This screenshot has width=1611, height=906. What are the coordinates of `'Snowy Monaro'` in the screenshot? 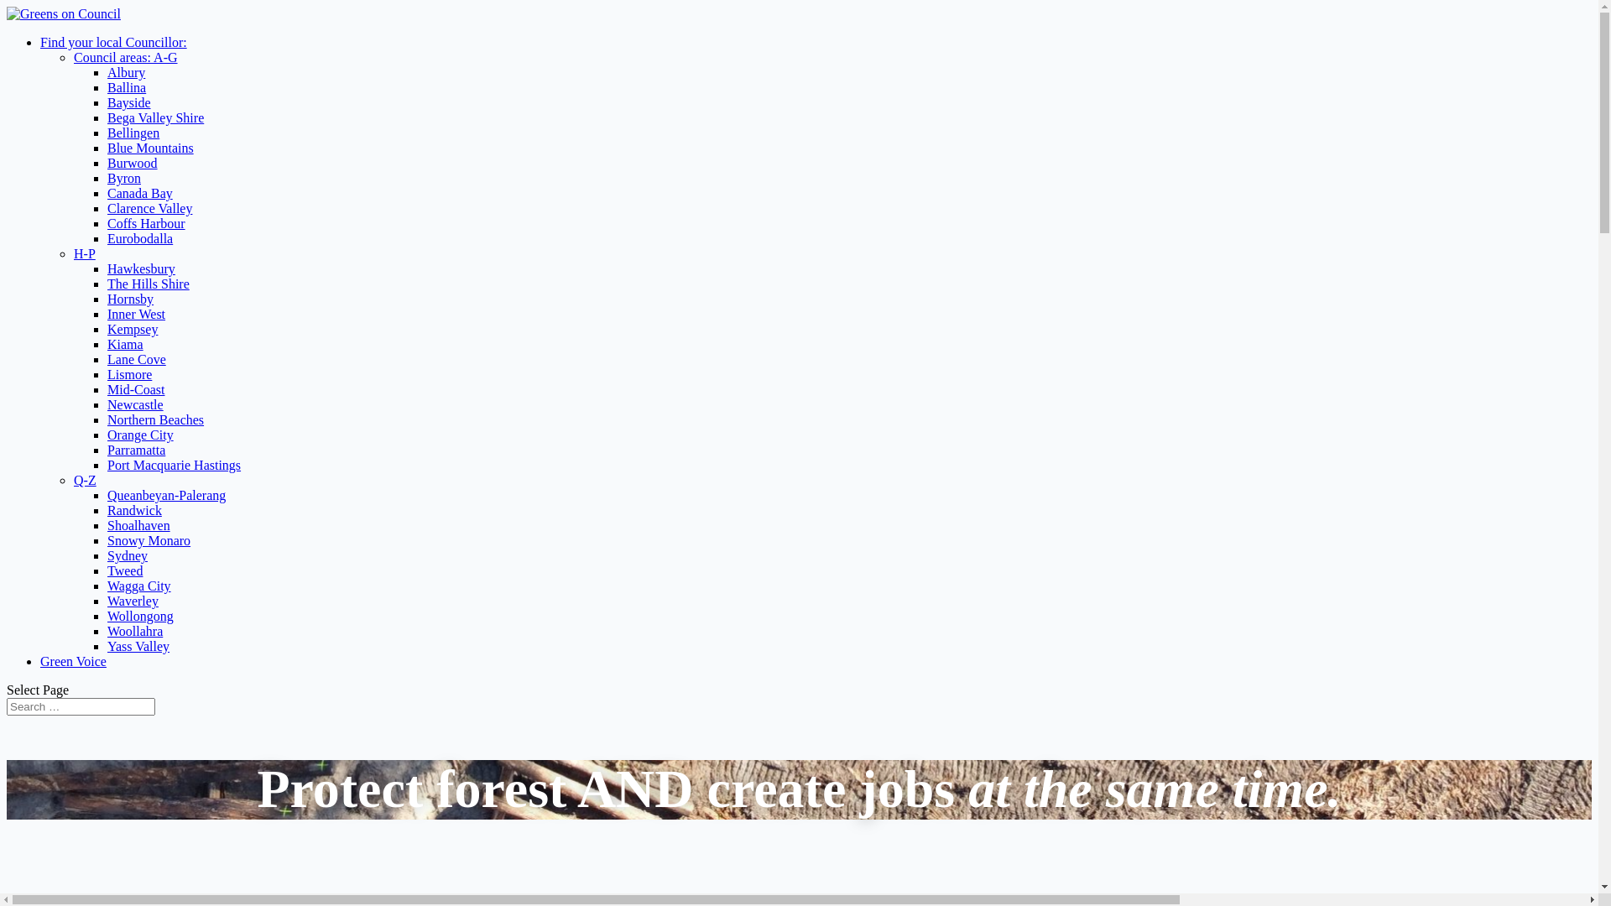 It's located at (149, 540).